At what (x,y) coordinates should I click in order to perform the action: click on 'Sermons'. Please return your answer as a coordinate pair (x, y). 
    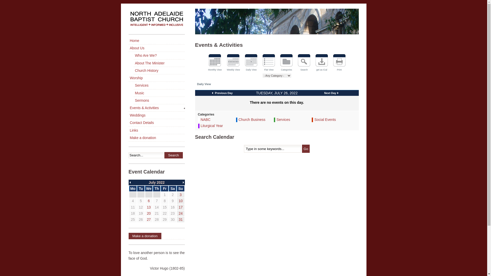
    Looking at the image, I should click on (159, 100).